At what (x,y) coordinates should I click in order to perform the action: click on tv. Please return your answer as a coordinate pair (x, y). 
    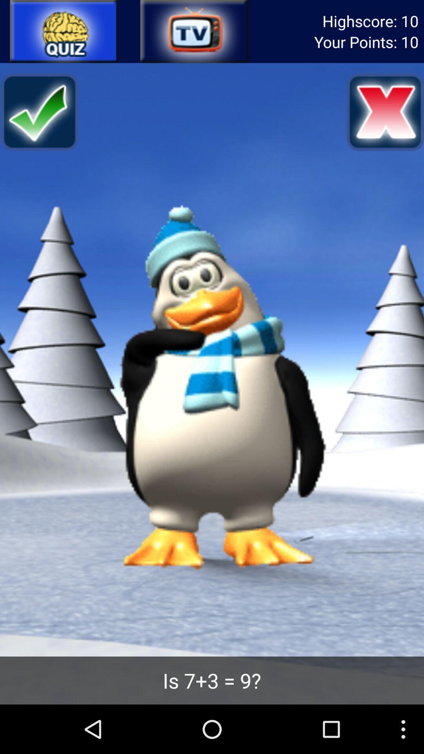
    Looking at the image, I should click on (194, 31).